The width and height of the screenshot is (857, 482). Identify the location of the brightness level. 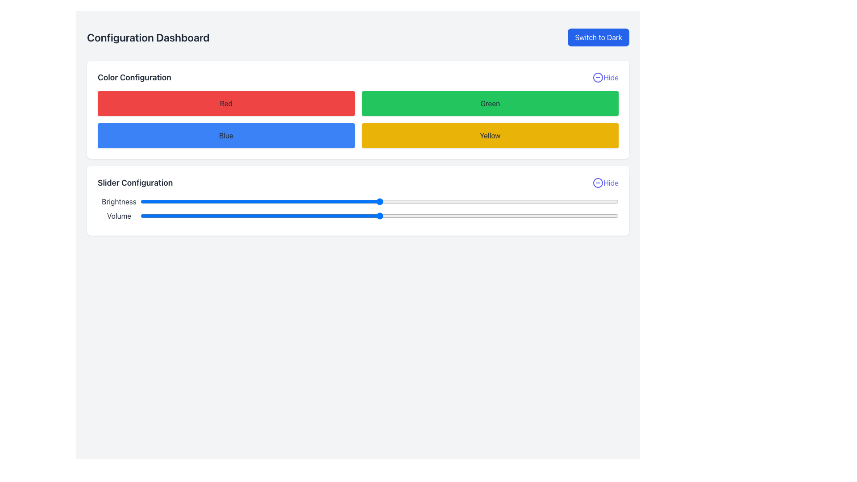
(155, 201).